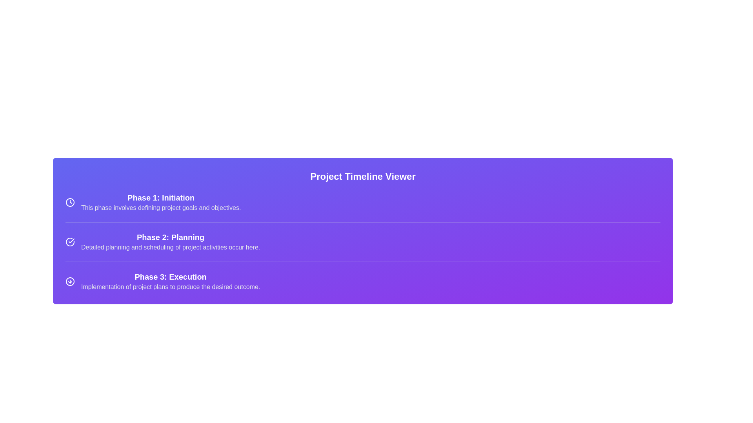  I want to click on title displayed in the text label (header) that serves as the heading for the first phase of the project timeline, located above the description text, so click(160, 197).